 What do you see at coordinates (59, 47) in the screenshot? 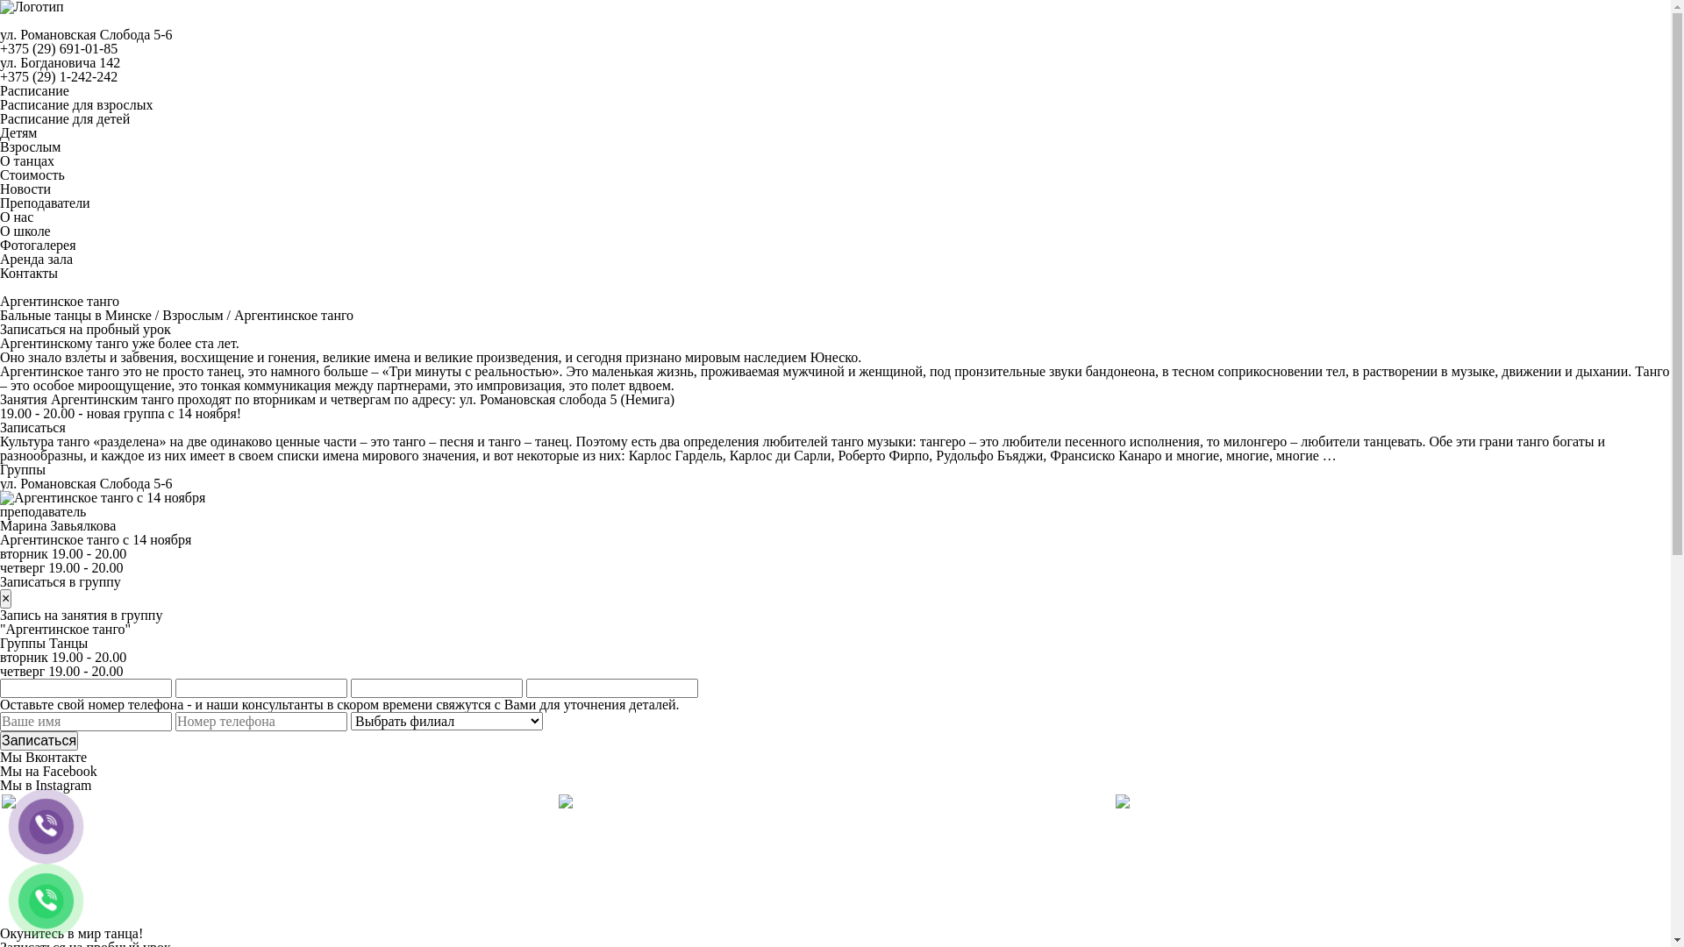
I see `'+375 (29) 691-01-85'` at bounding box center [59, 47].